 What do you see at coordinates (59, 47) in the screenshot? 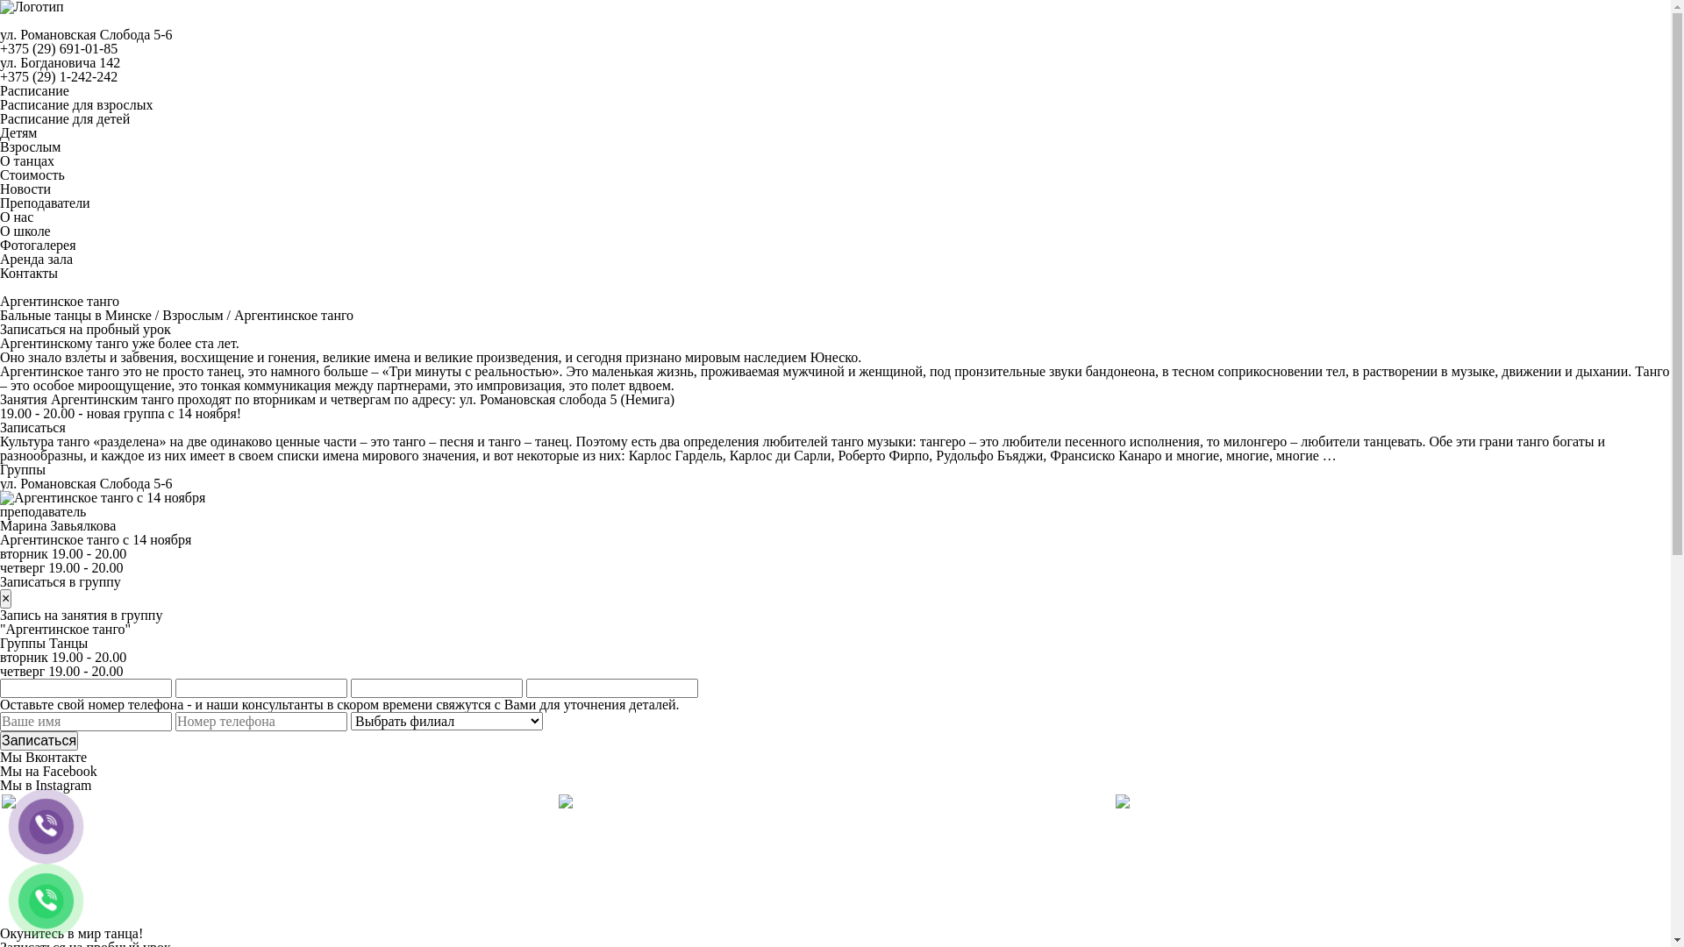
I see `'+375 (29) 691-01-85'` at bounding box center [59, 47].